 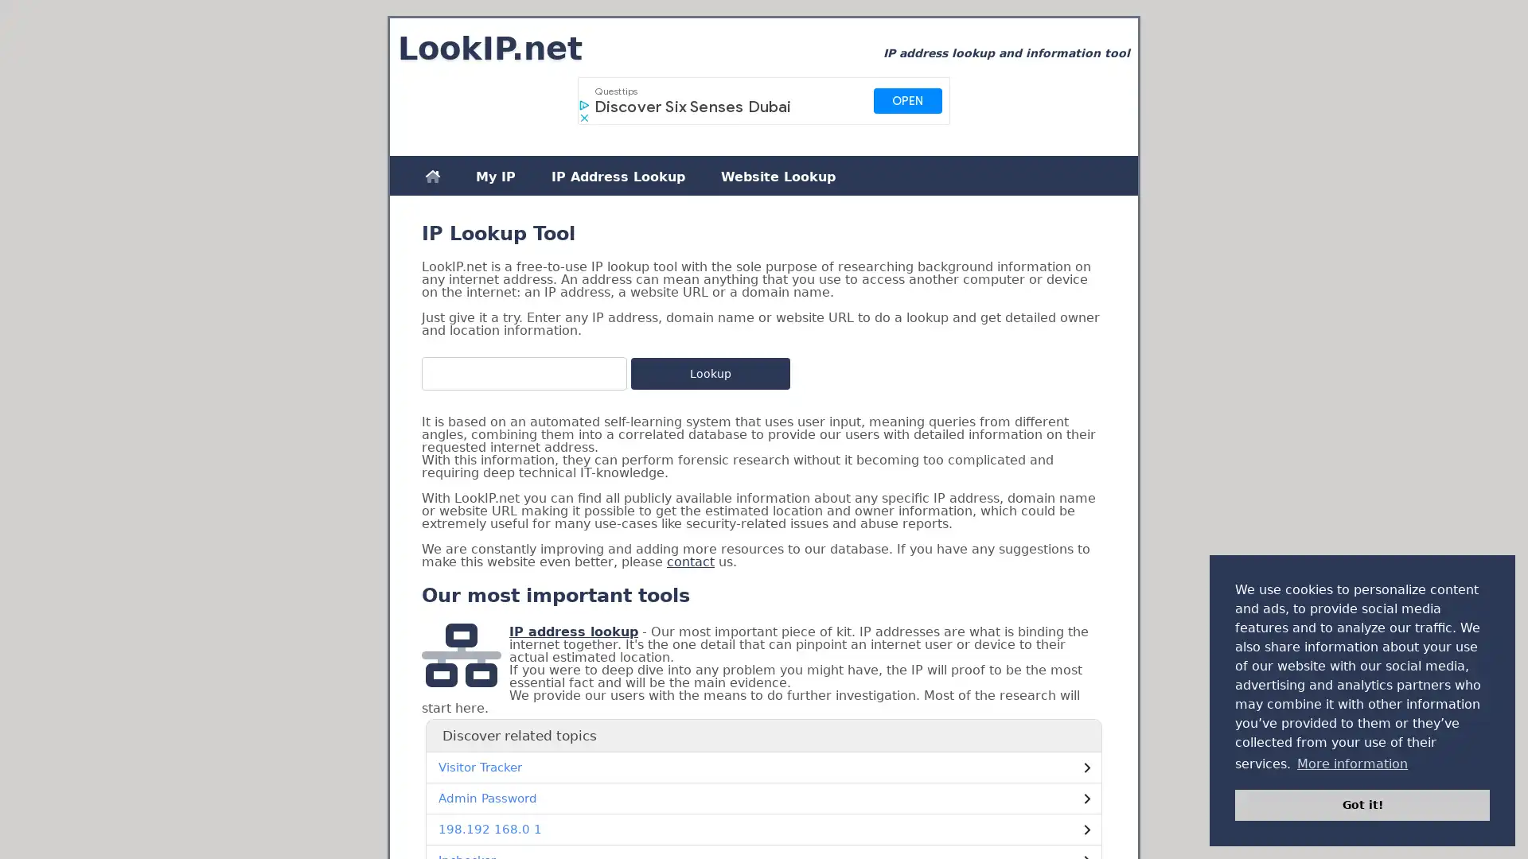 What do you see at coordinates (1351, 763) in the screenshot?
I see `learn more about cookies` at bounding box center [1351, 763].